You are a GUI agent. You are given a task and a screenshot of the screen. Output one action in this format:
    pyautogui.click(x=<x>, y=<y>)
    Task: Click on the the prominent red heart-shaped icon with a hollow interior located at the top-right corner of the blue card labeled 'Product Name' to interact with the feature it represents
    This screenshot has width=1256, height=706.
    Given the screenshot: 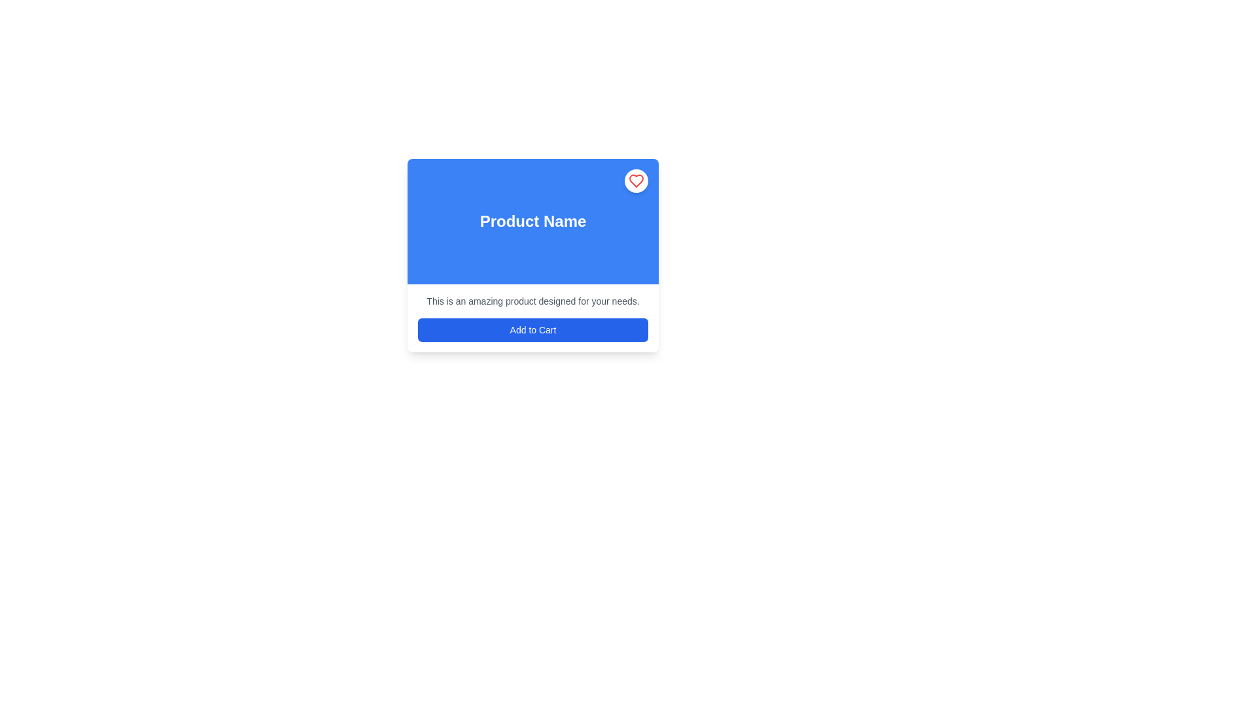 What is the action you would take?
    pyautogui.click(x=637, y=181)
    